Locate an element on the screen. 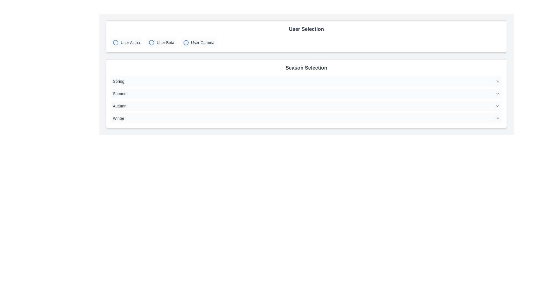  the list item labeled 'Autumn', which is the third item in the vertical list under 'Season Selection' is located at coordinates (306, 106).